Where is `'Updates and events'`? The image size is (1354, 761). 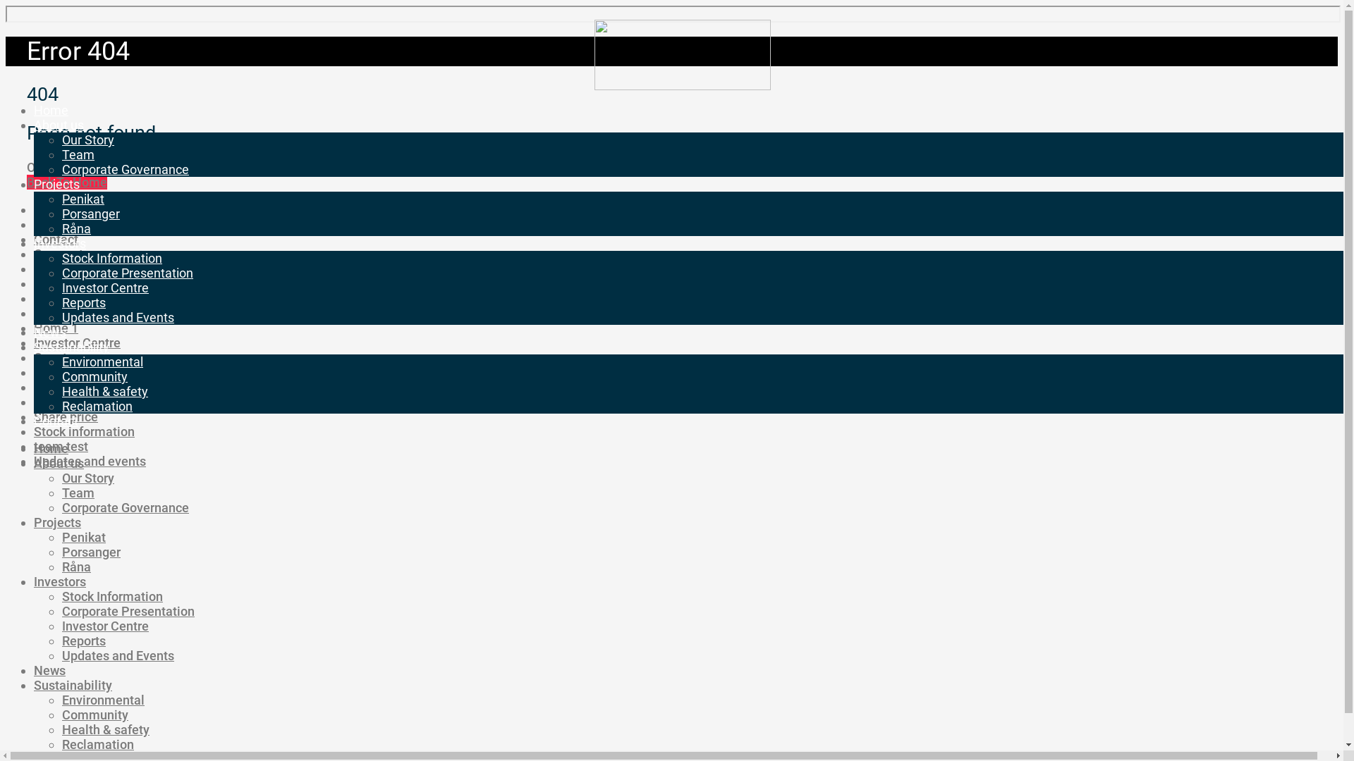 'Updates and events' is located at coordinates (34, 461).